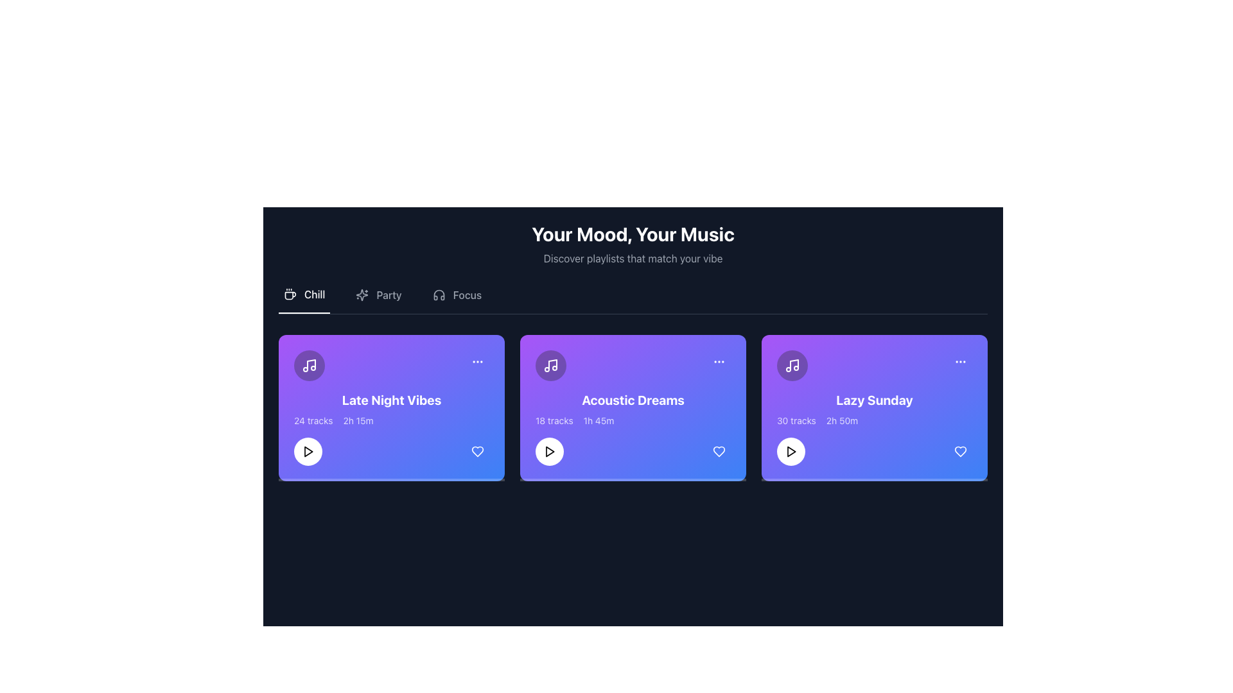 The image size is (1233, 693). Describe the element at coordinates (313, 420) in the screenshot. I see `the text label displaying '24 tracks' which is styled with a semi-transparent white overlay and positioned over a purple gradient background, located in the 'Late Night Vibes' card before the '2h 15m' text element` at that location.